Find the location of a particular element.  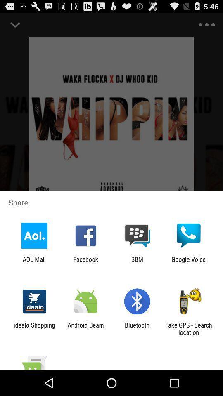

the item next to android beam app is located at coordinates (34, 328).